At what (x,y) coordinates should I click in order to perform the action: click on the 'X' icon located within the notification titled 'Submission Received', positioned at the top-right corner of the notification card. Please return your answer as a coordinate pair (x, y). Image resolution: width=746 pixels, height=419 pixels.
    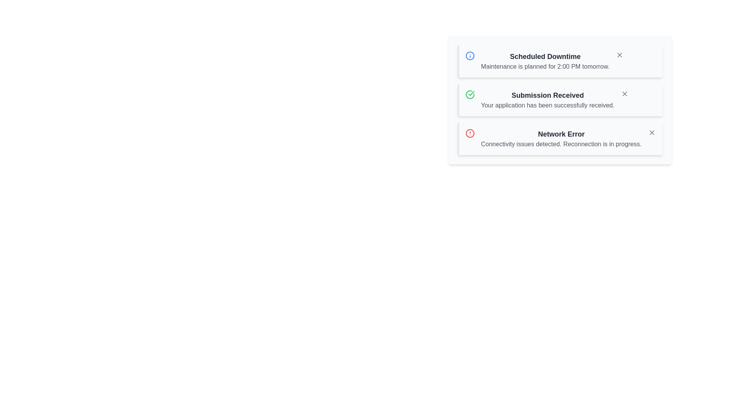
    Looking at the image, I should click on (624, 93).